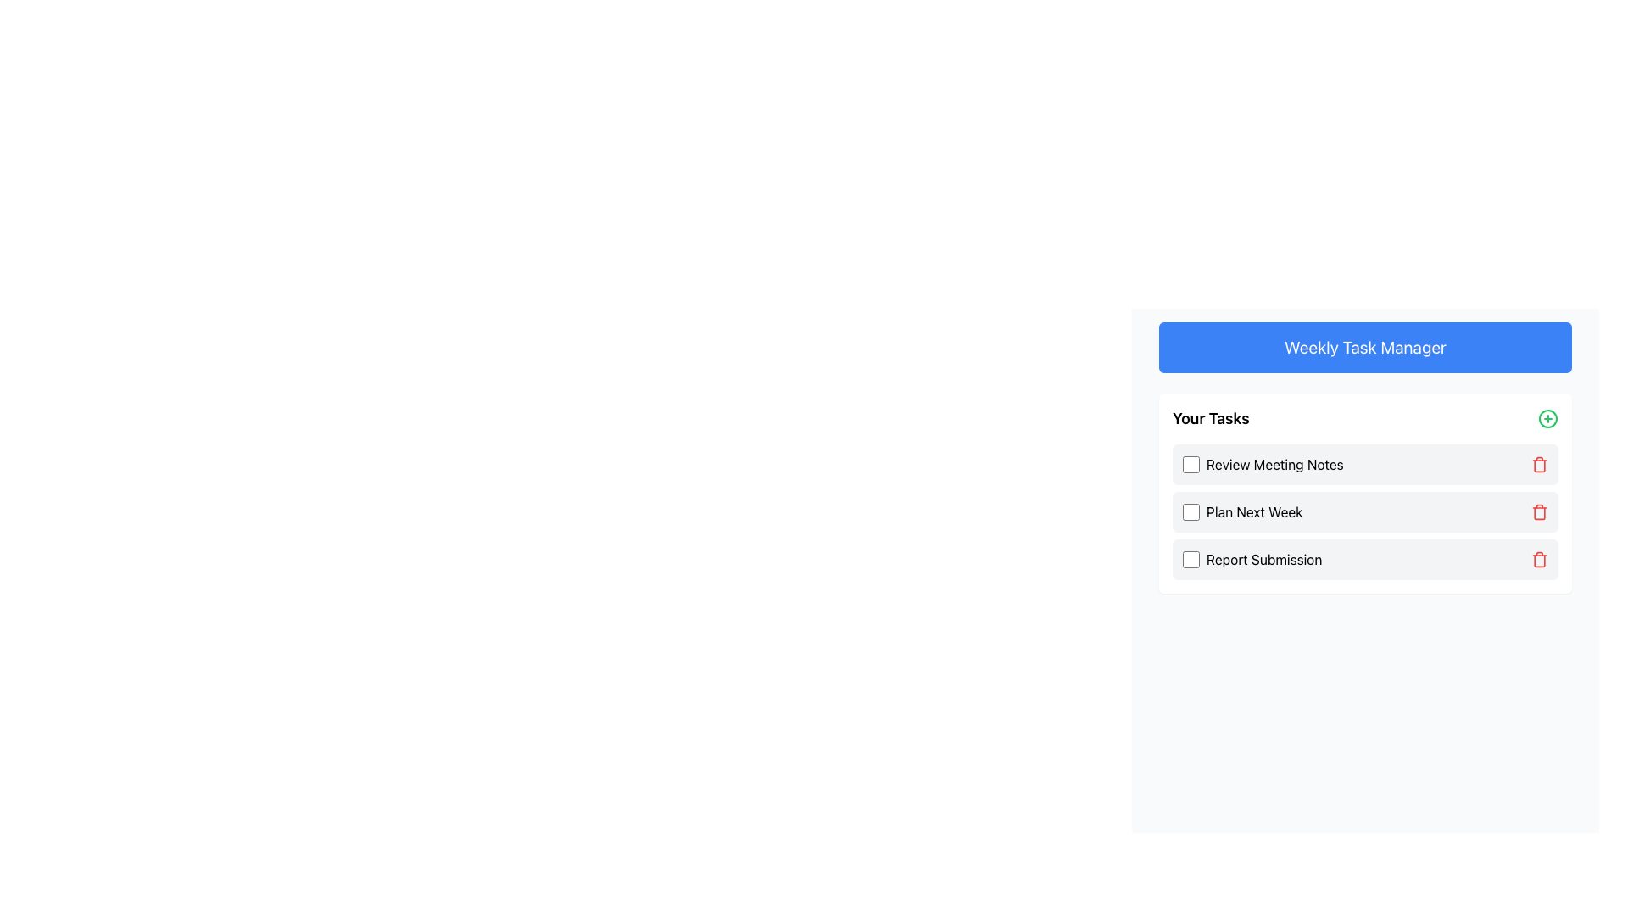 The width and height of the screenshot is (1628, 916). I want to click on the delete button for the 'Plan Next Week' task entry to confirm the deletion of the associated task from the task list, so click(1539, 511).